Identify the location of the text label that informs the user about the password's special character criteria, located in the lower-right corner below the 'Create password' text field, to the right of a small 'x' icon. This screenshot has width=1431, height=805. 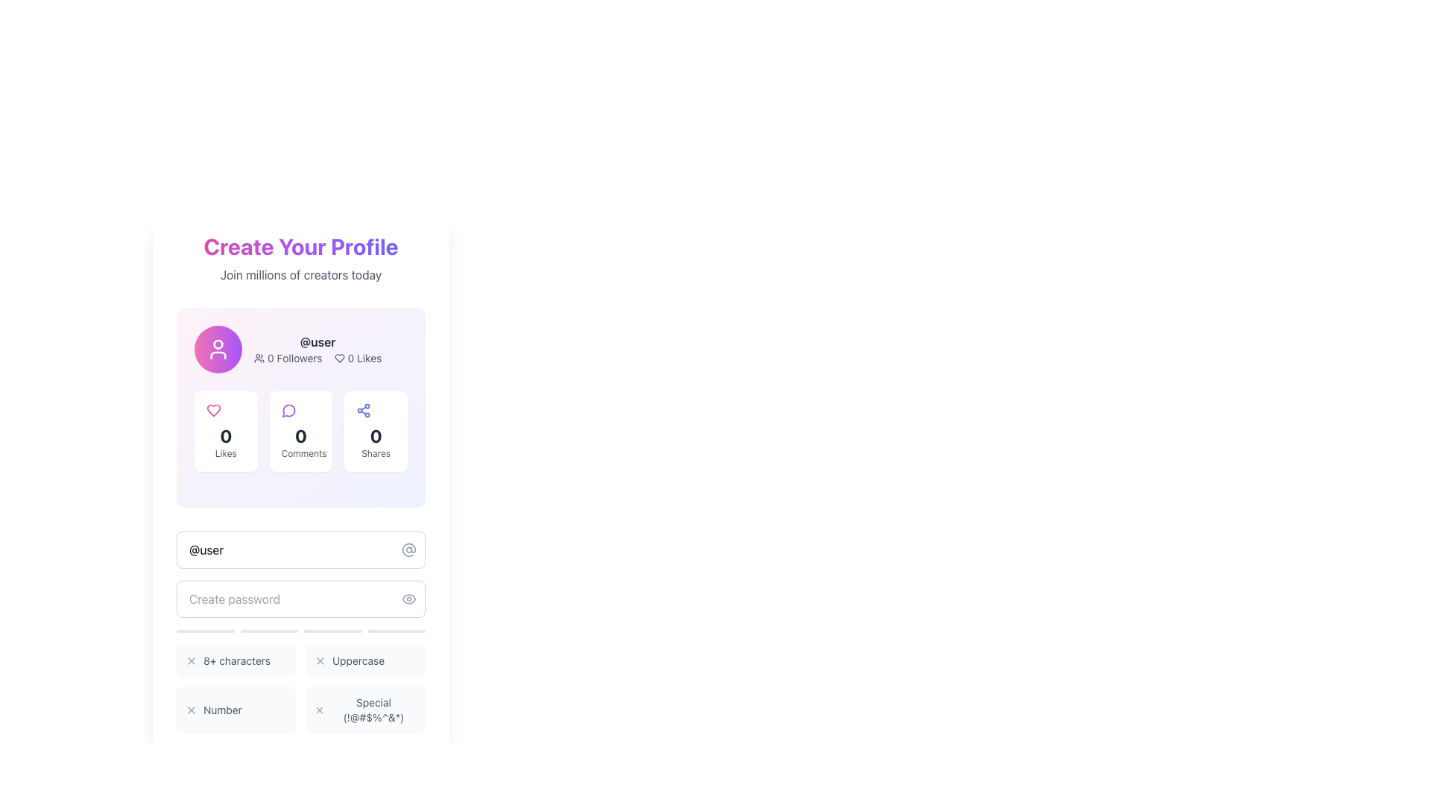
(373, 709).